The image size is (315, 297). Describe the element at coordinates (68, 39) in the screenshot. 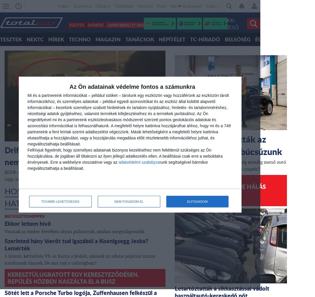

I see `'Techno'` at that location.